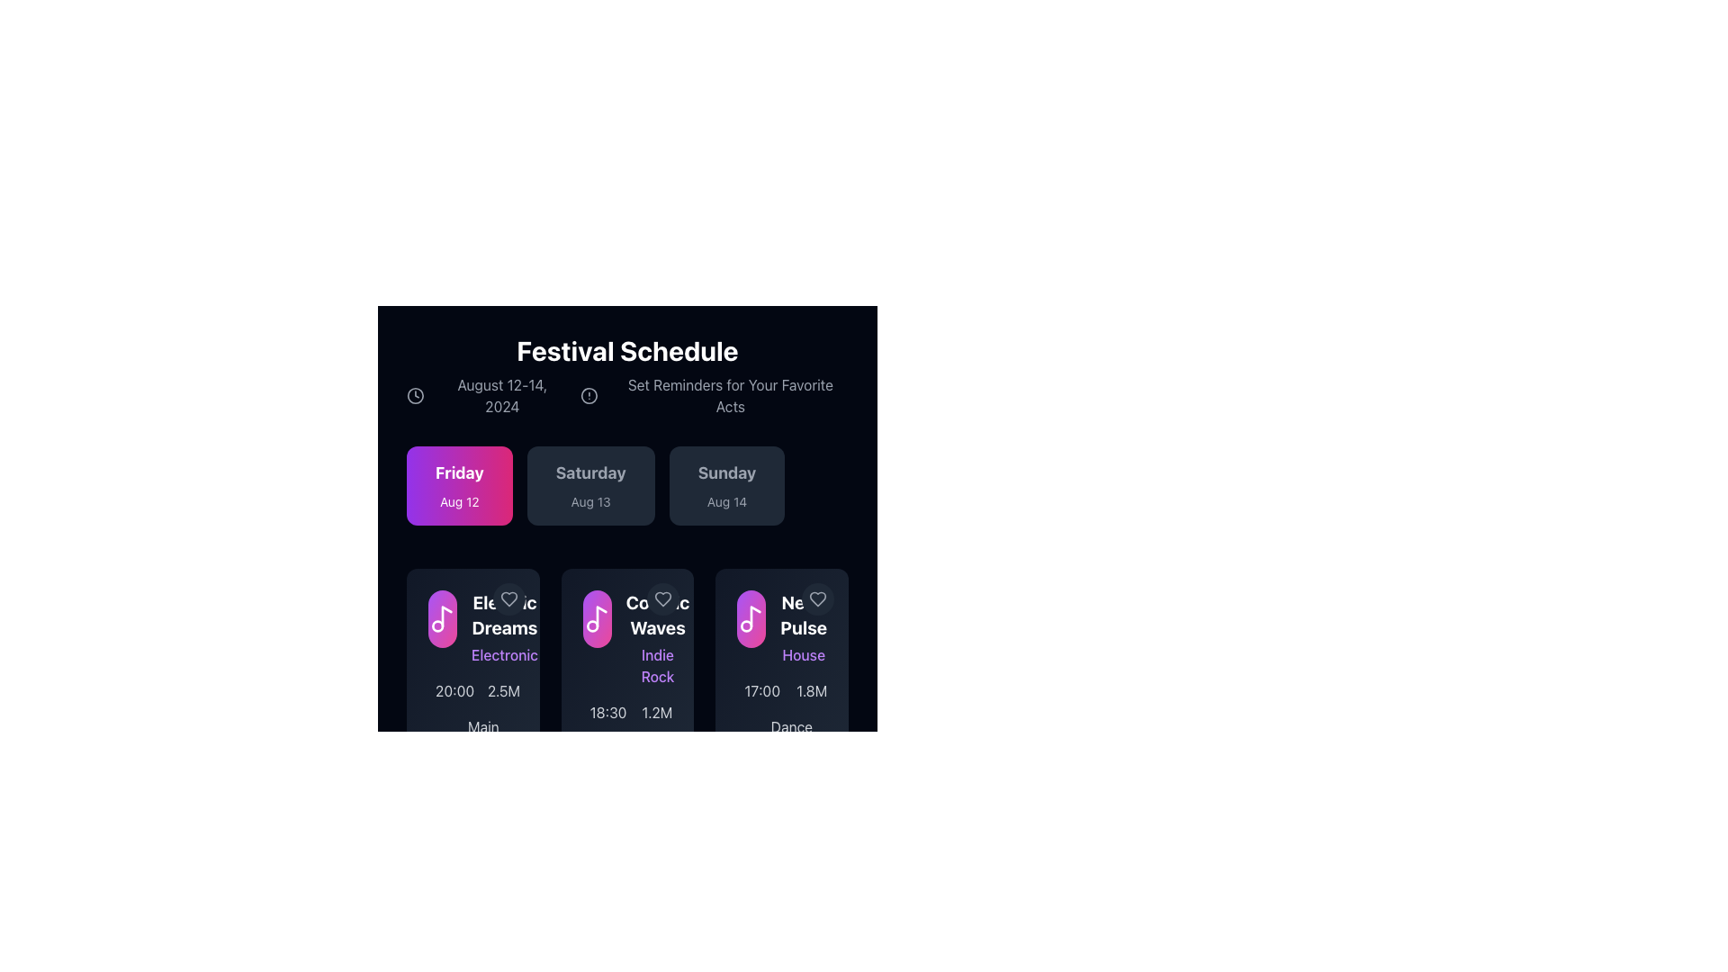  Describe the element at coordinates (791, 738) in the screenshot. I see `the 'Dance Arena' text label, which displays the venue for the 'Neo Pulse' event located at the bottom edge of the card` at that location.